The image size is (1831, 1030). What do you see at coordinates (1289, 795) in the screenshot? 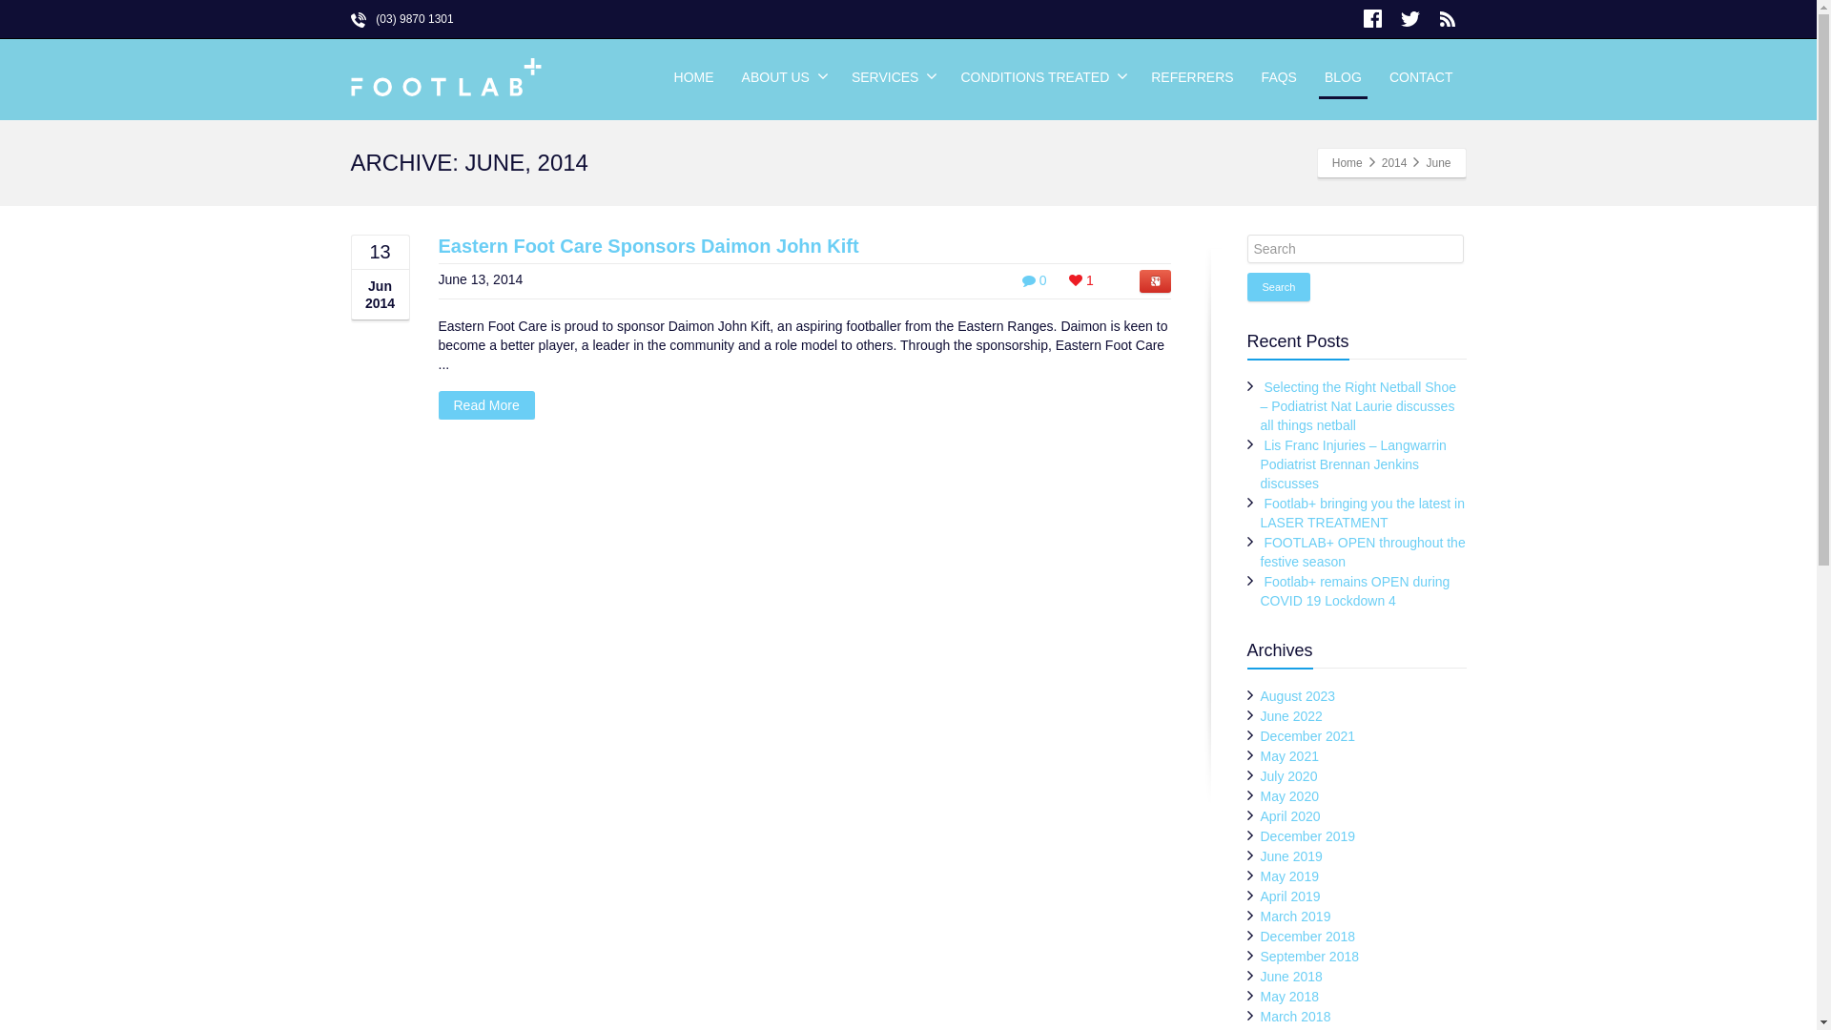
I see `'May 2020'` at bounding box center [1289, 795].